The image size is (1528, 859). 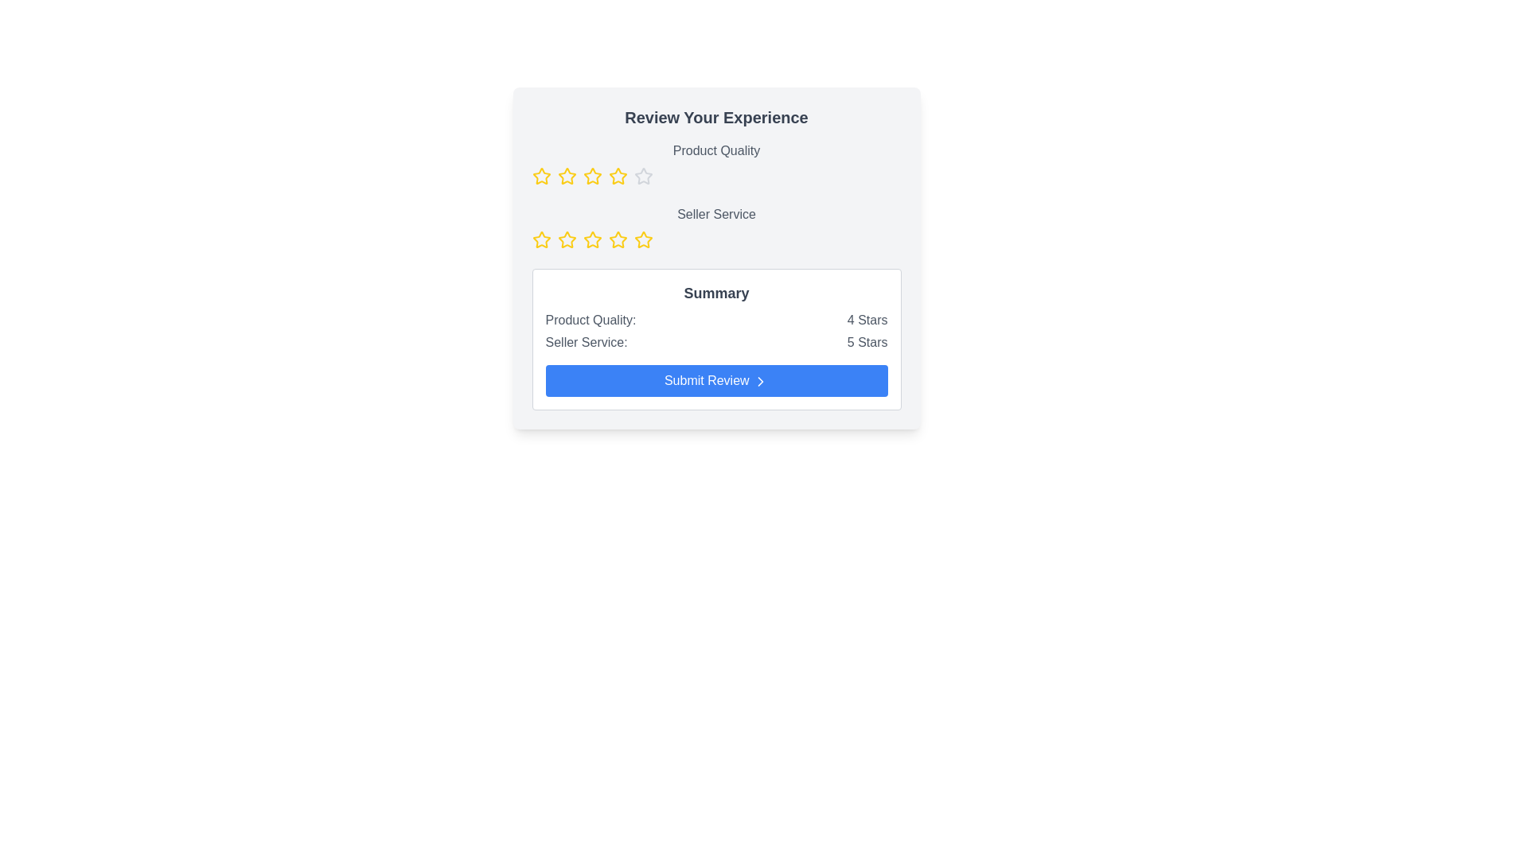 What do you see at coordinates (591, 239) in the screenshot?
I see `the fourth star icon with a yellow border` at bounding box center [591, 239].